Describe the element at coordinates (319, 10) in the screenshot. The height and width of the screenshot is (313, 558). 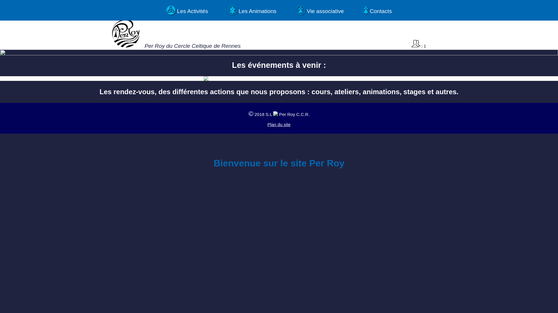
I see `'* Vie associative'` at that location.